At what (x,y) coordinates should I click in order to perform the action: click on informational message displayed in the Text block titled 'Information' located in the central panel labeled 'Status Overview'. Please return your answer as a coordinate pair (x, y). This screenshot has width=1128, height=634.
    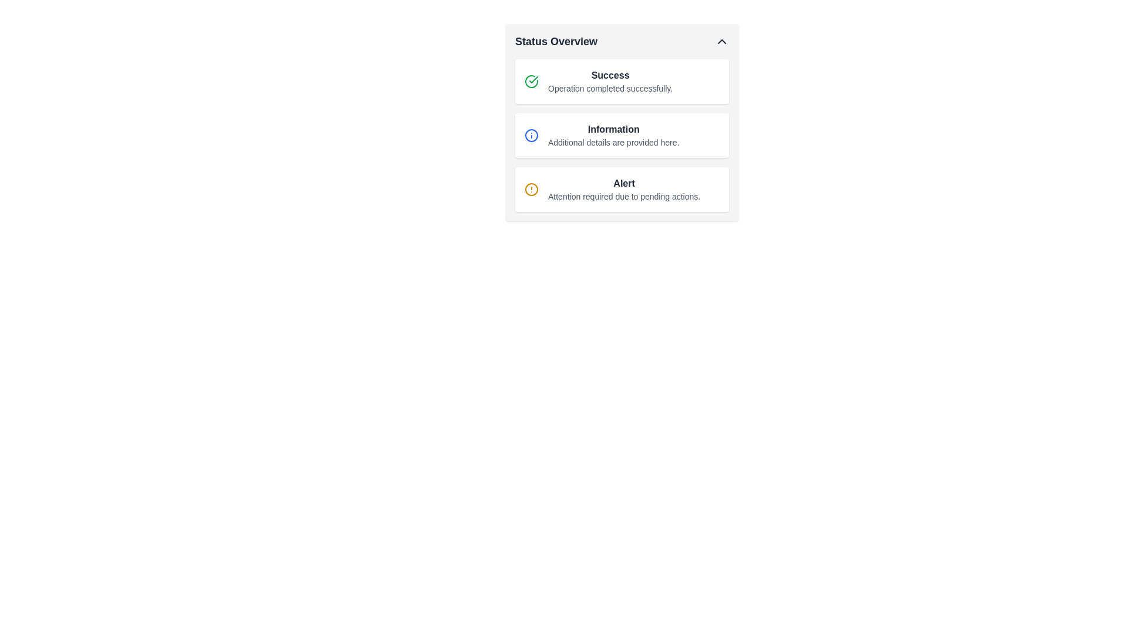
    Looking at the image, I should click on (613, 135).